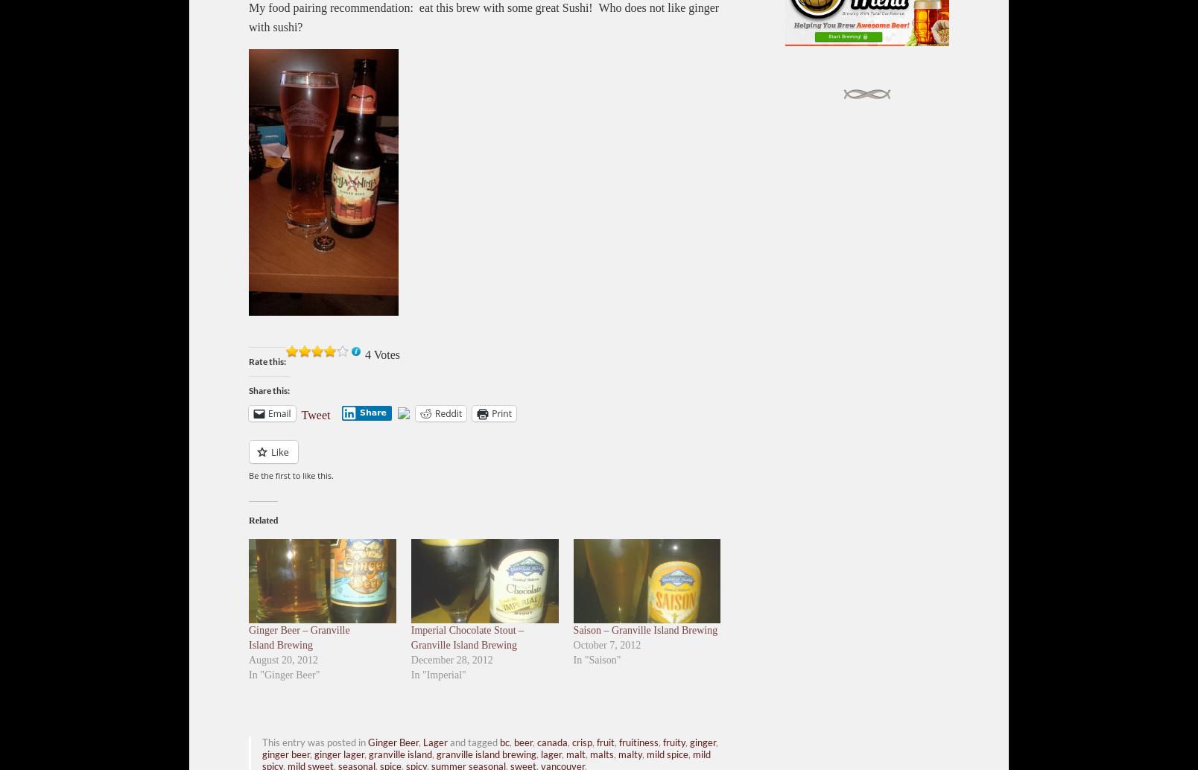  I want to click on 'Share this:', so click(269, 390).